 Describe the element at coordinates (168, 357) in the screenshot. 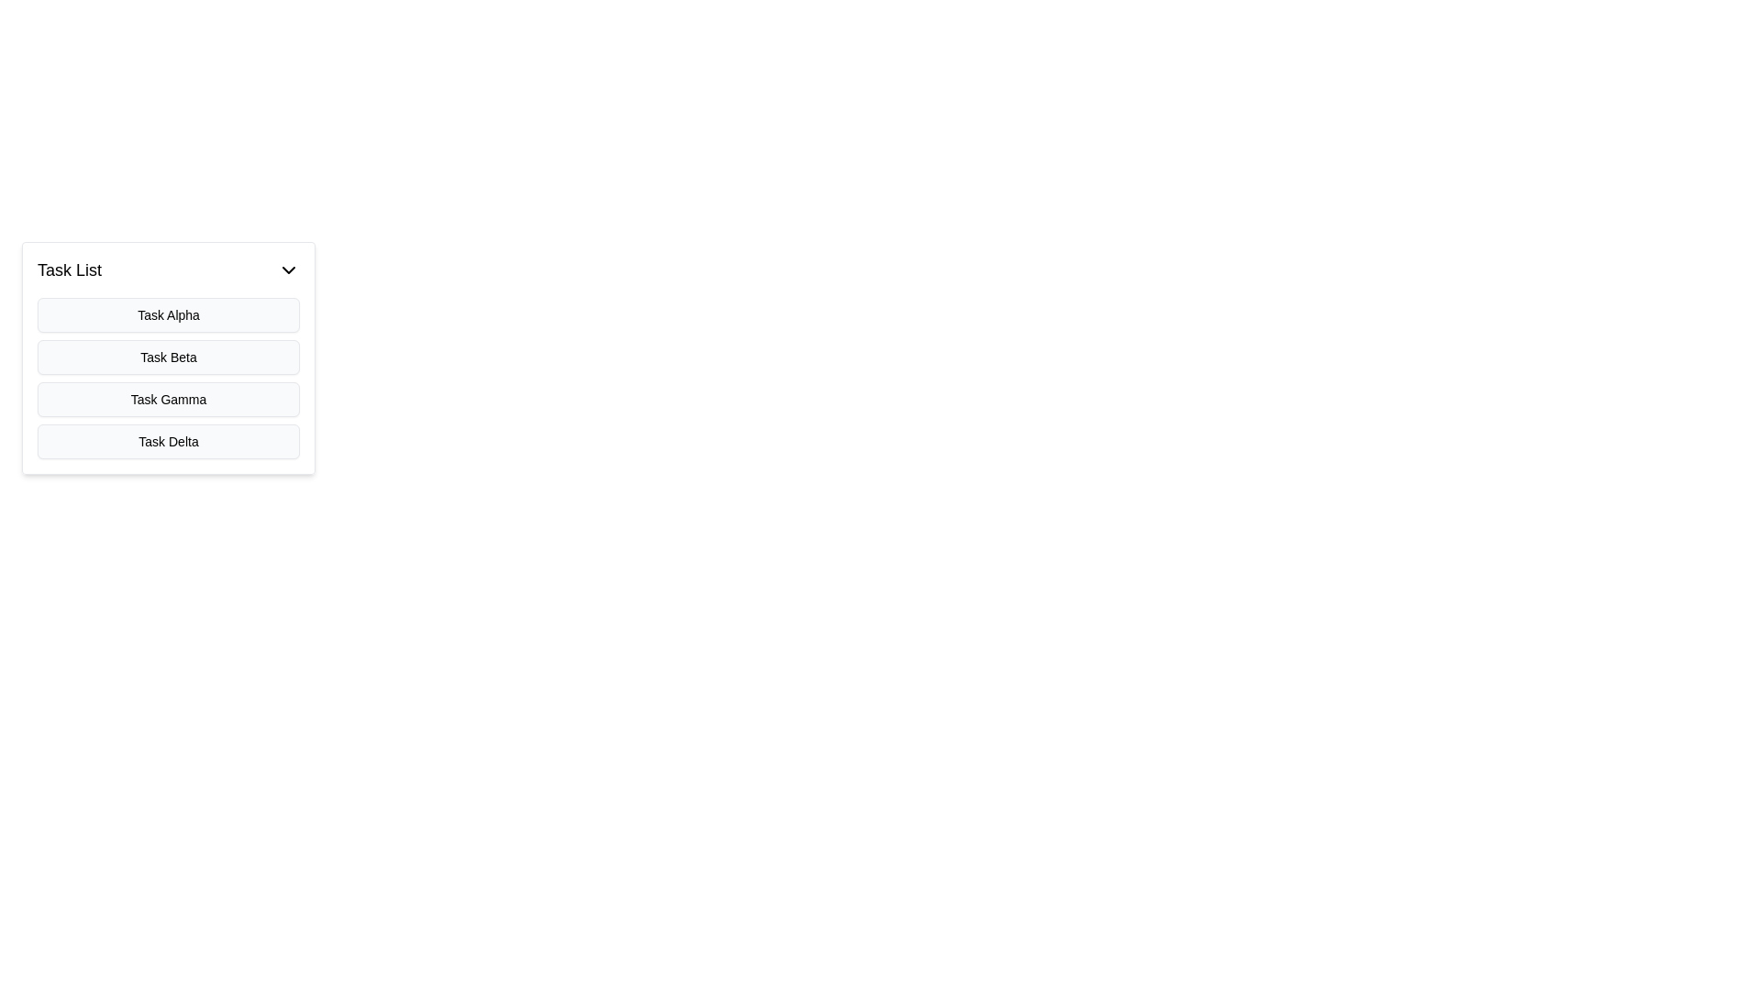

I see `the selectable button labeled 'Task Beta' in the dropdown menu 'Task List' to trigger the hover effect` at that location.